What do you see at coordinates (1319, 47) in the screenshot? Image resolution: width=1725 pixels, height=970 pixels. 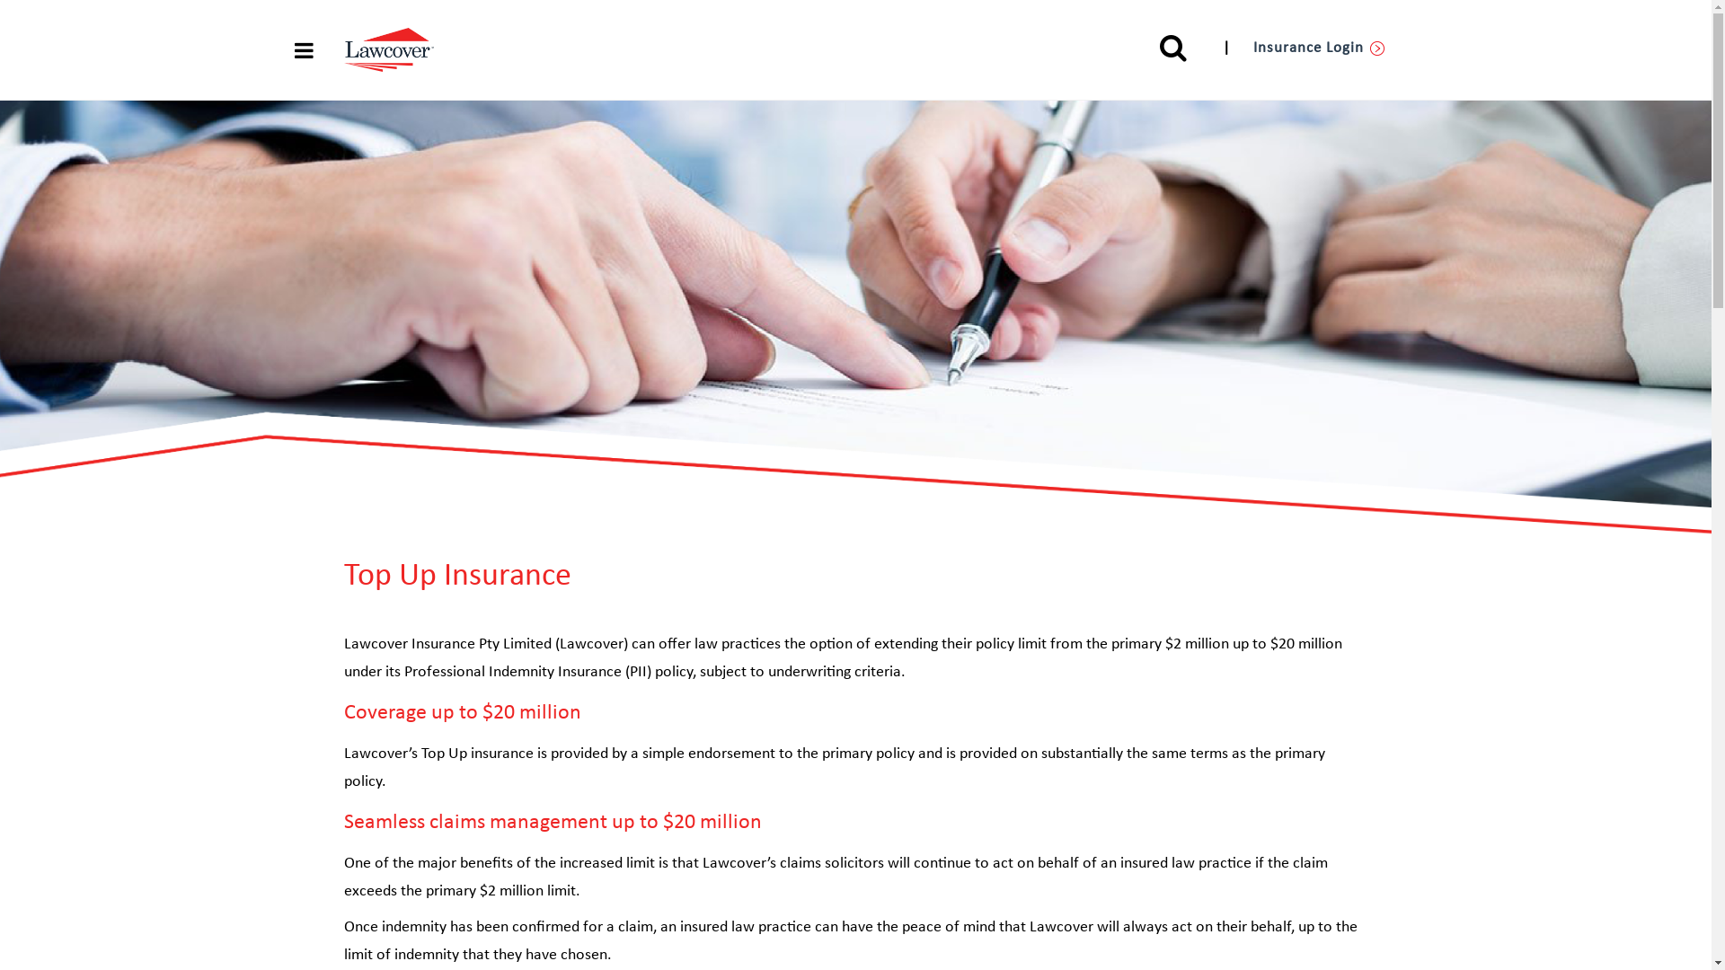 I see `'Insurance Login'` at bounding box center [1319, 47].